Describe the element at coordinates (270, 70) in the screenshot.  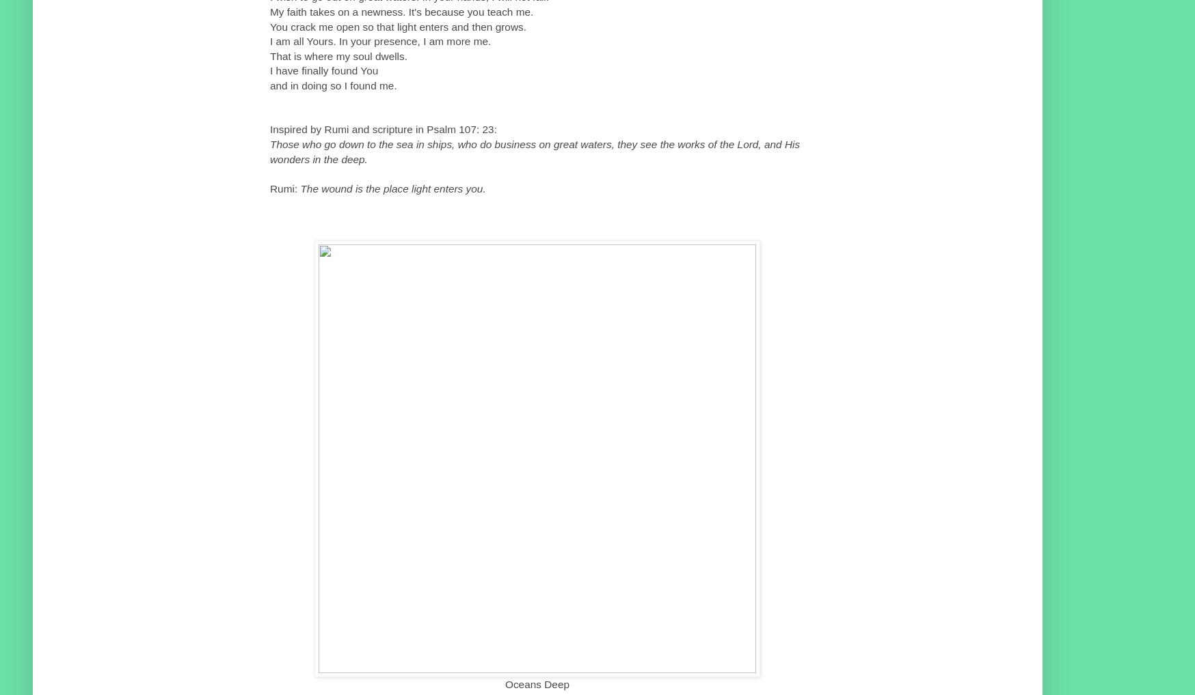
I see `'I have finally found You'` at that location.